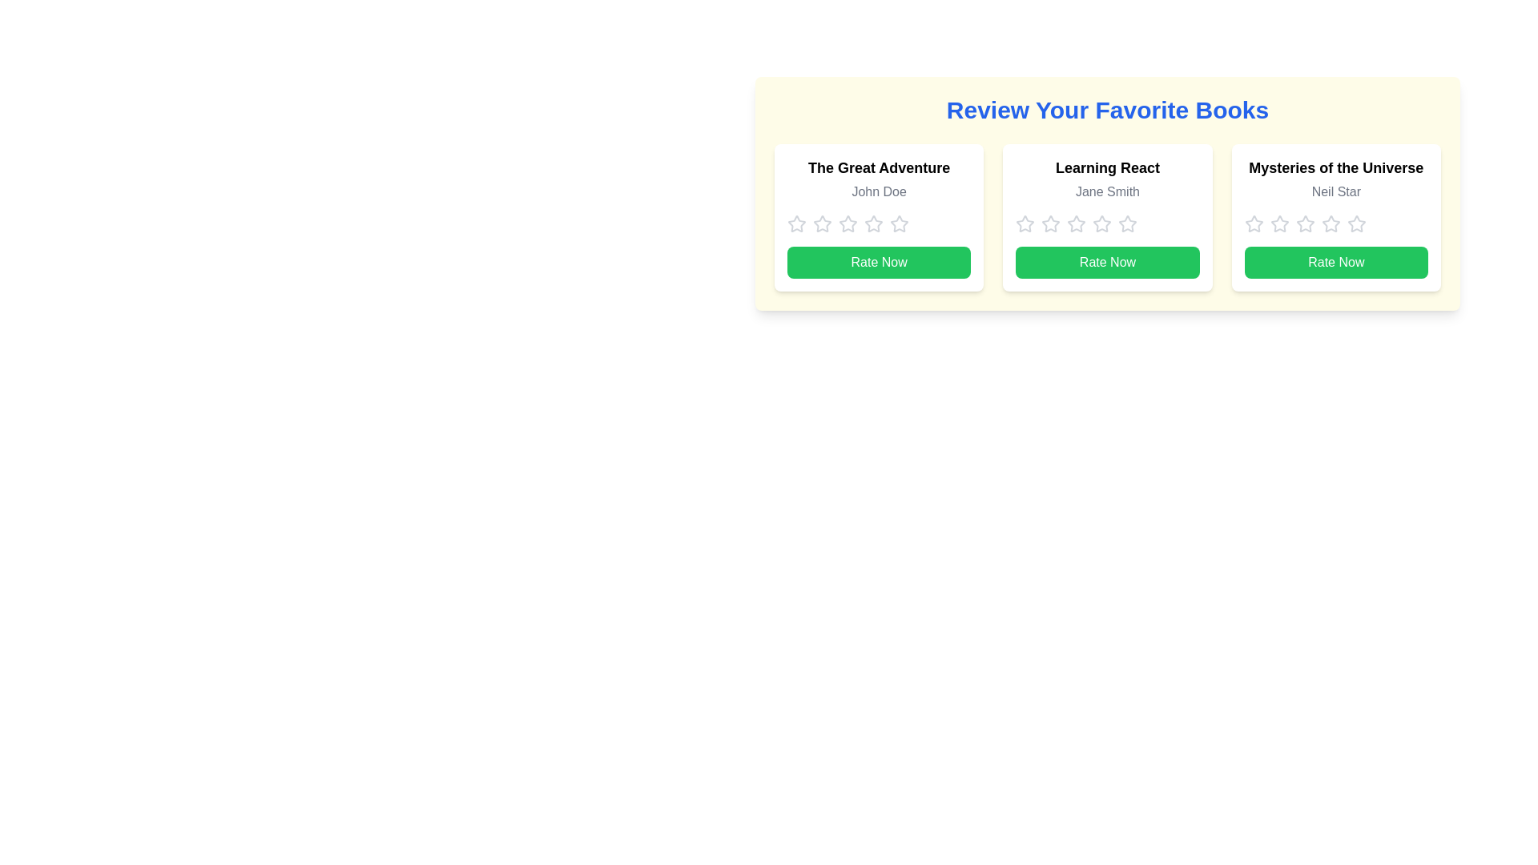 The image size is (1538, 865). Describe the element at coordinates (1331, 223) in the screenshot. I see `the third rating star in the rating widget of the card titled 'Mysteries of the Universe' by Neil Star` at that location.